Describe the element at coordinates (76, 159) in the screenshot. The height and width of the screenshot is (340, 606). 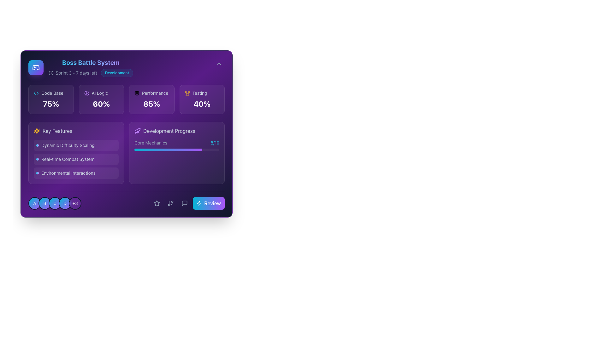
I see `the 'Real-time Combat System' label with decorative icon, which is the second item in the vertical list under the 'Key Features' section, located centrally in the left panel of the interface` at that location.